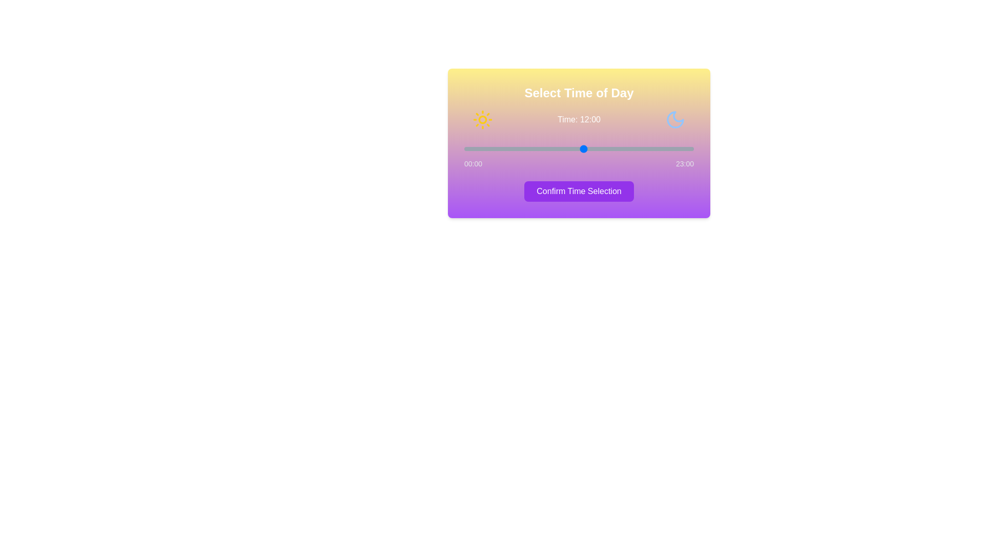 Image resolution: width=984 pixels, height=553 pixels. Describe the element at coordinates (664, 148) in the screenshot. I see `the time to 20 hour(s) by interacting with the slider` at that location.